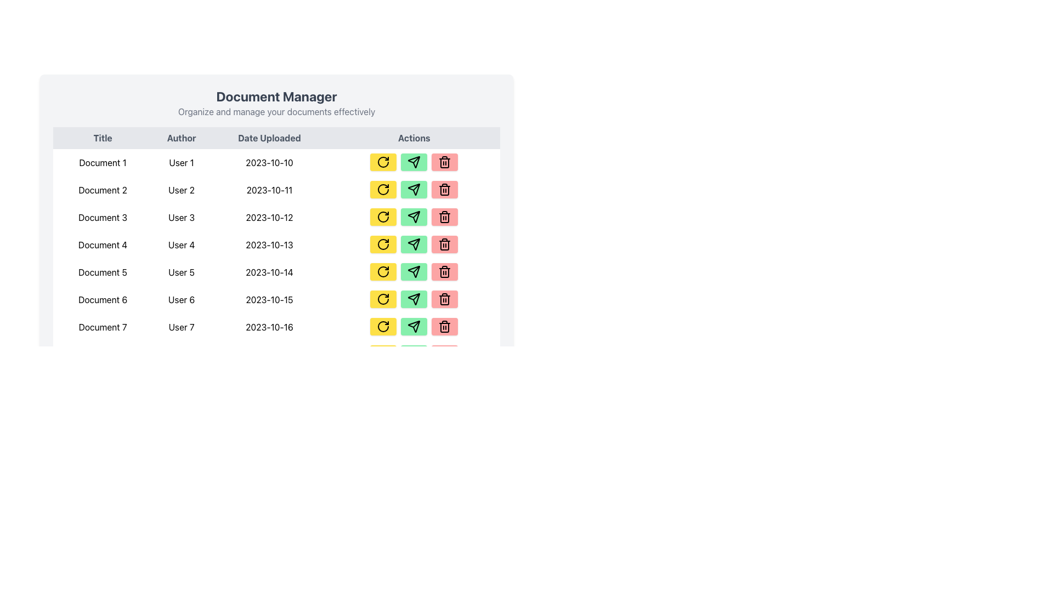 This screenshot has width=1053, height=592. What do you see at coordinates (269, 300) in the screenshot?
I see `the date text '2023-10-15' in the sixth row of the 'Date Uploaded' column of the table` at bounding box center [269, 300].